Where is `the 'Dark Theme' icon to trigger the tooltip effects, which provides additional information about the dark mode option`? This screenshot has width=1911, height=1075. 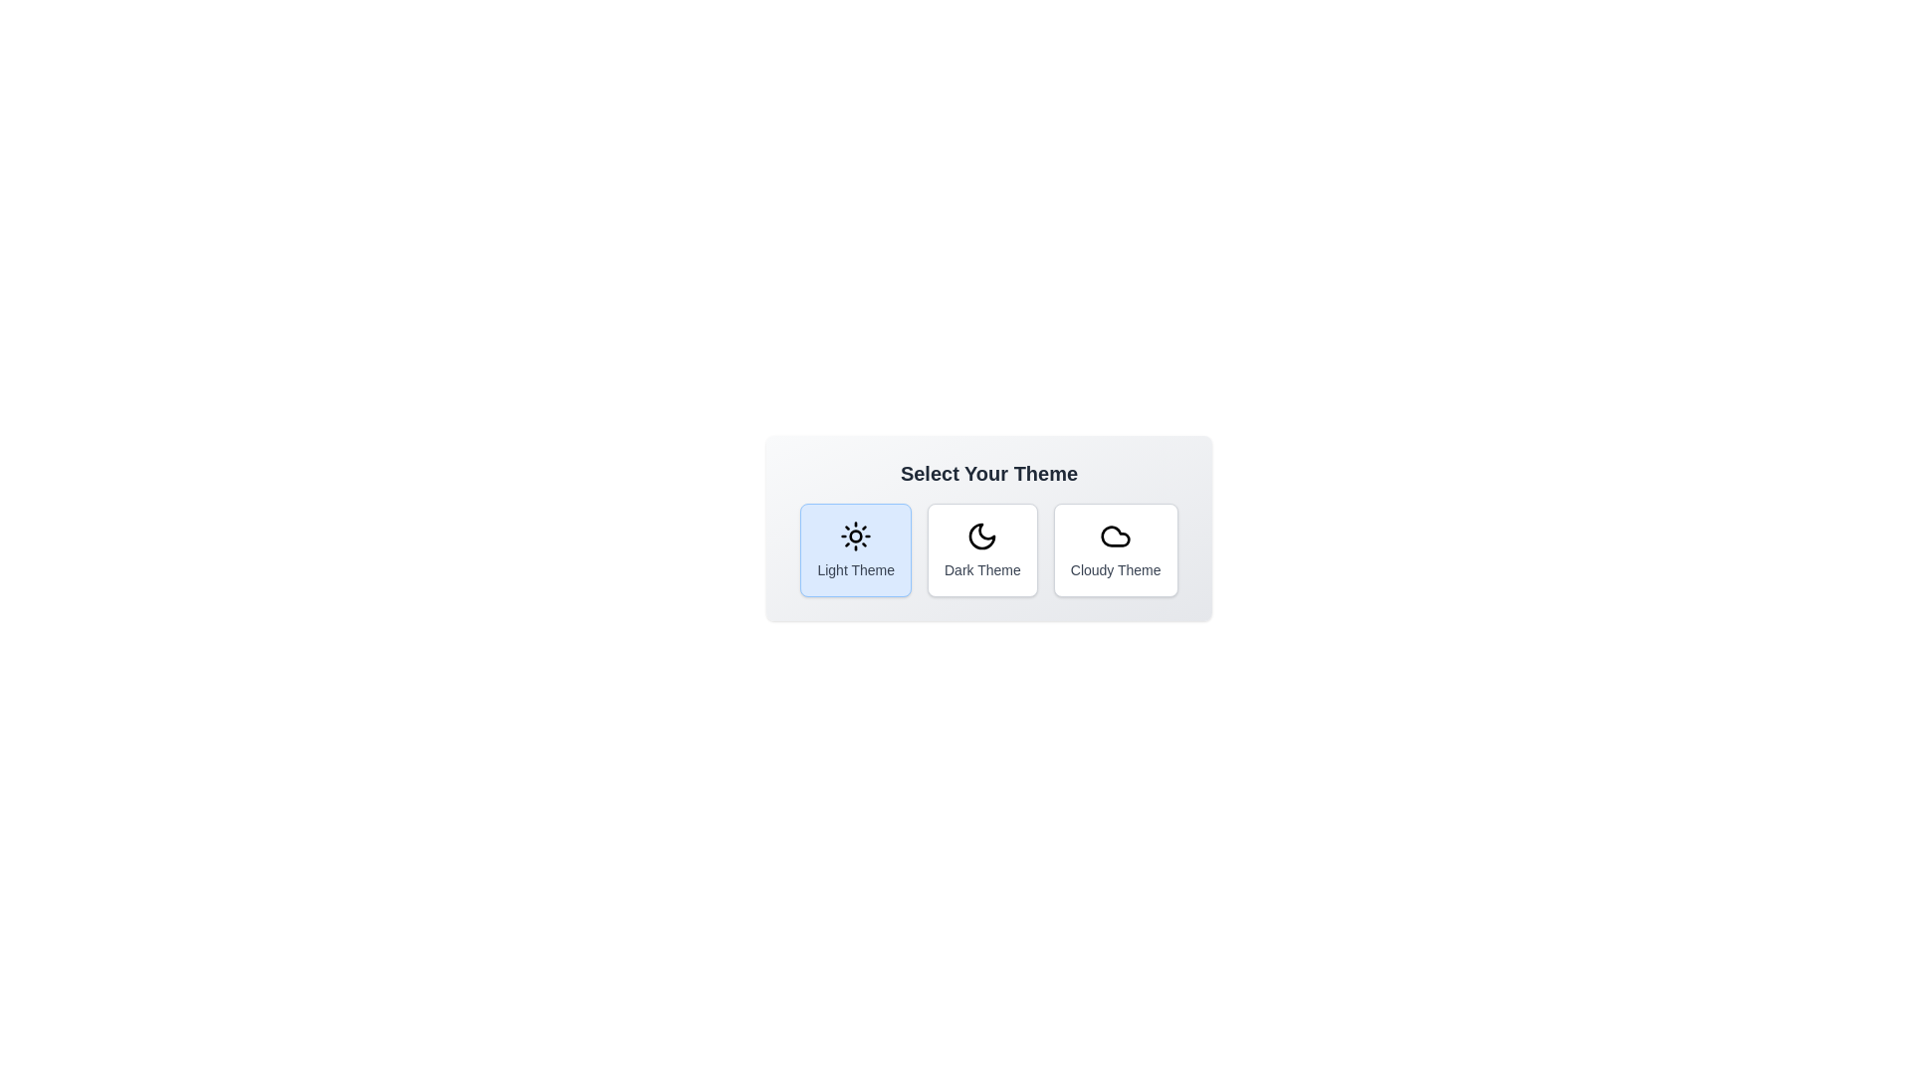
the 'Dark Theme' icon to trigger the tooltip effects, which provides additional information about the dark mode option is located at coordinates (982, 536).